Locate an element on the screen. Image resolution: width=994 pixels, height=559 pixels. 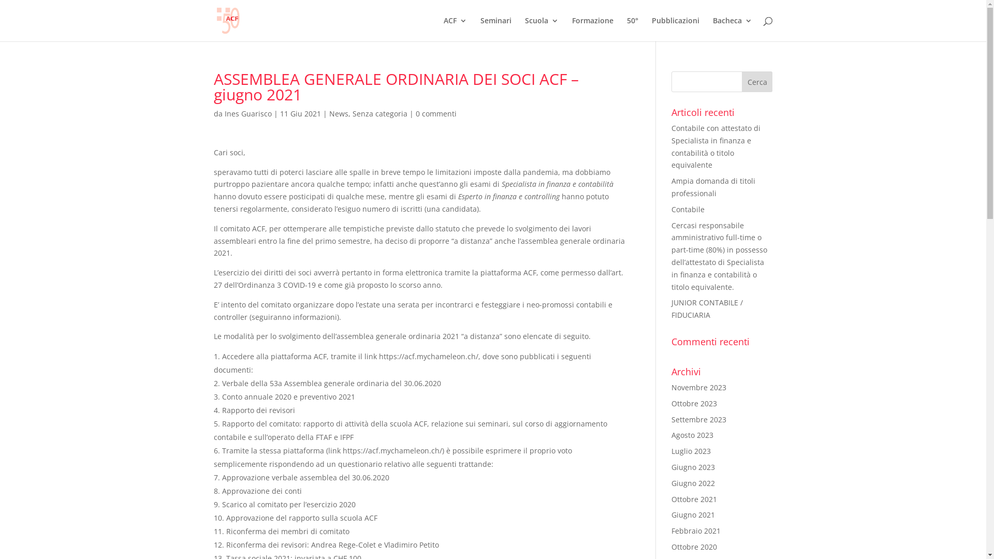
'Pubblicazioni' is located at coordinates (675, 28).